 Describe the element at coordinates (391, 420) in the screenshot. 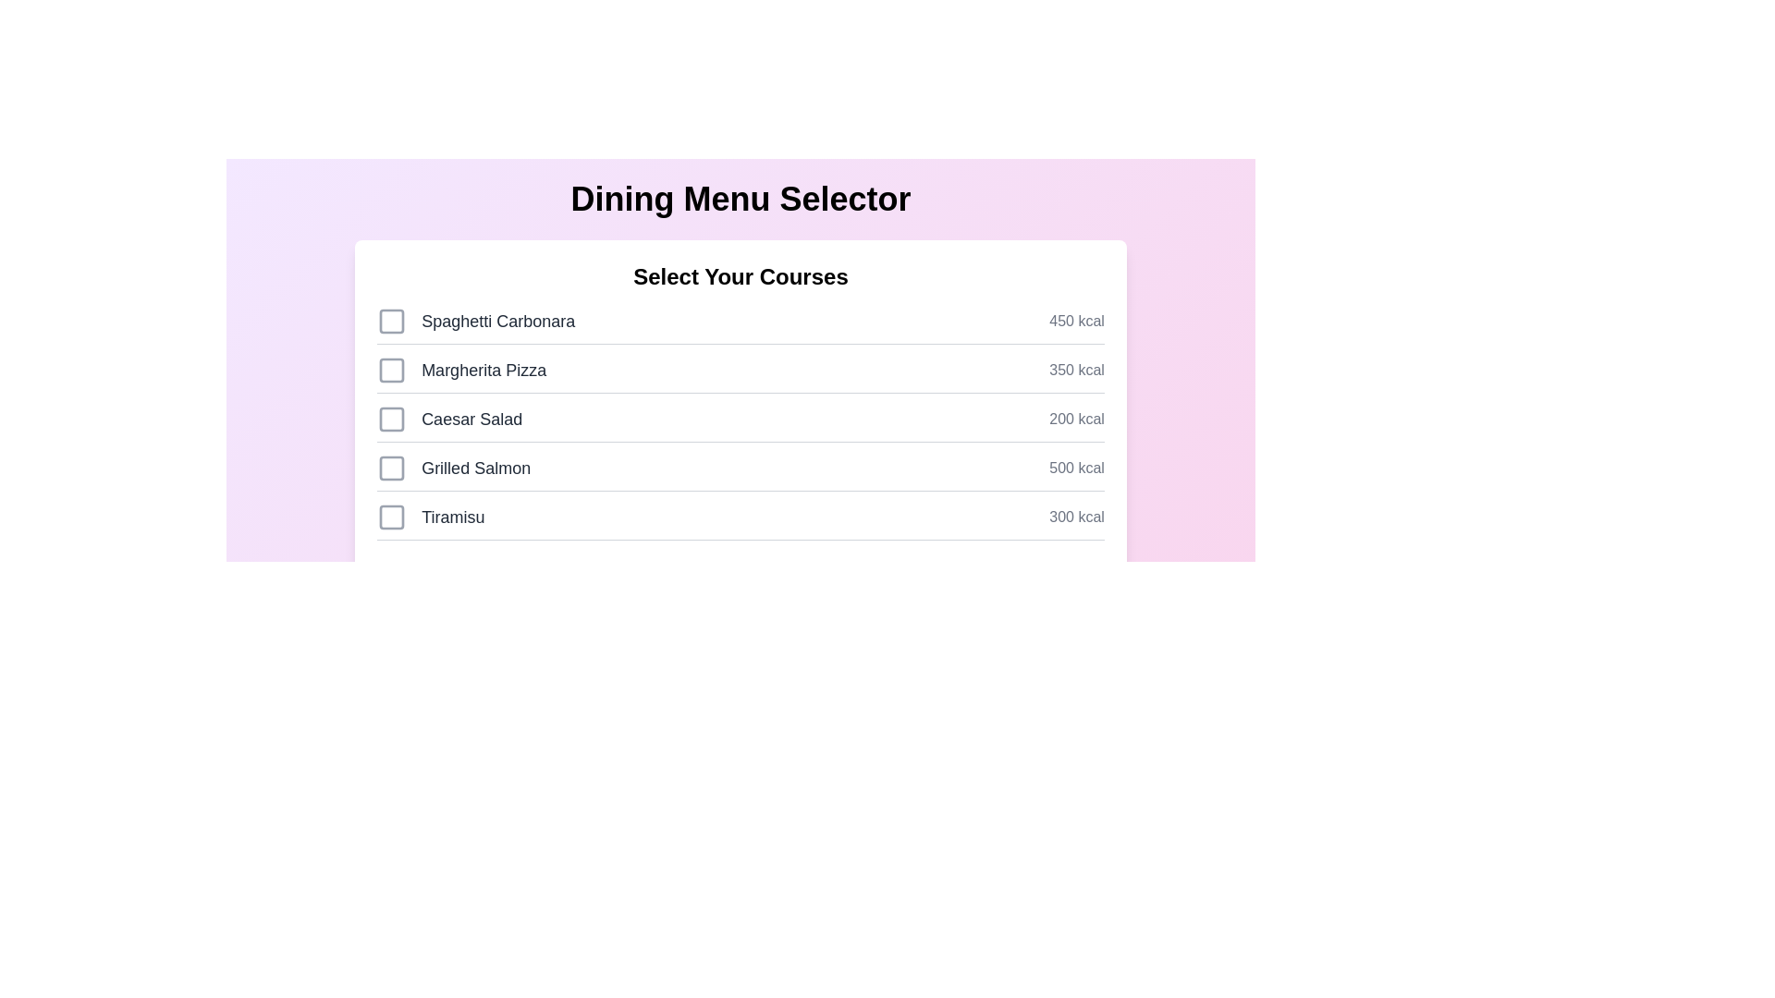

I see `the checkbox for the dish Caesar Salad` at that location.